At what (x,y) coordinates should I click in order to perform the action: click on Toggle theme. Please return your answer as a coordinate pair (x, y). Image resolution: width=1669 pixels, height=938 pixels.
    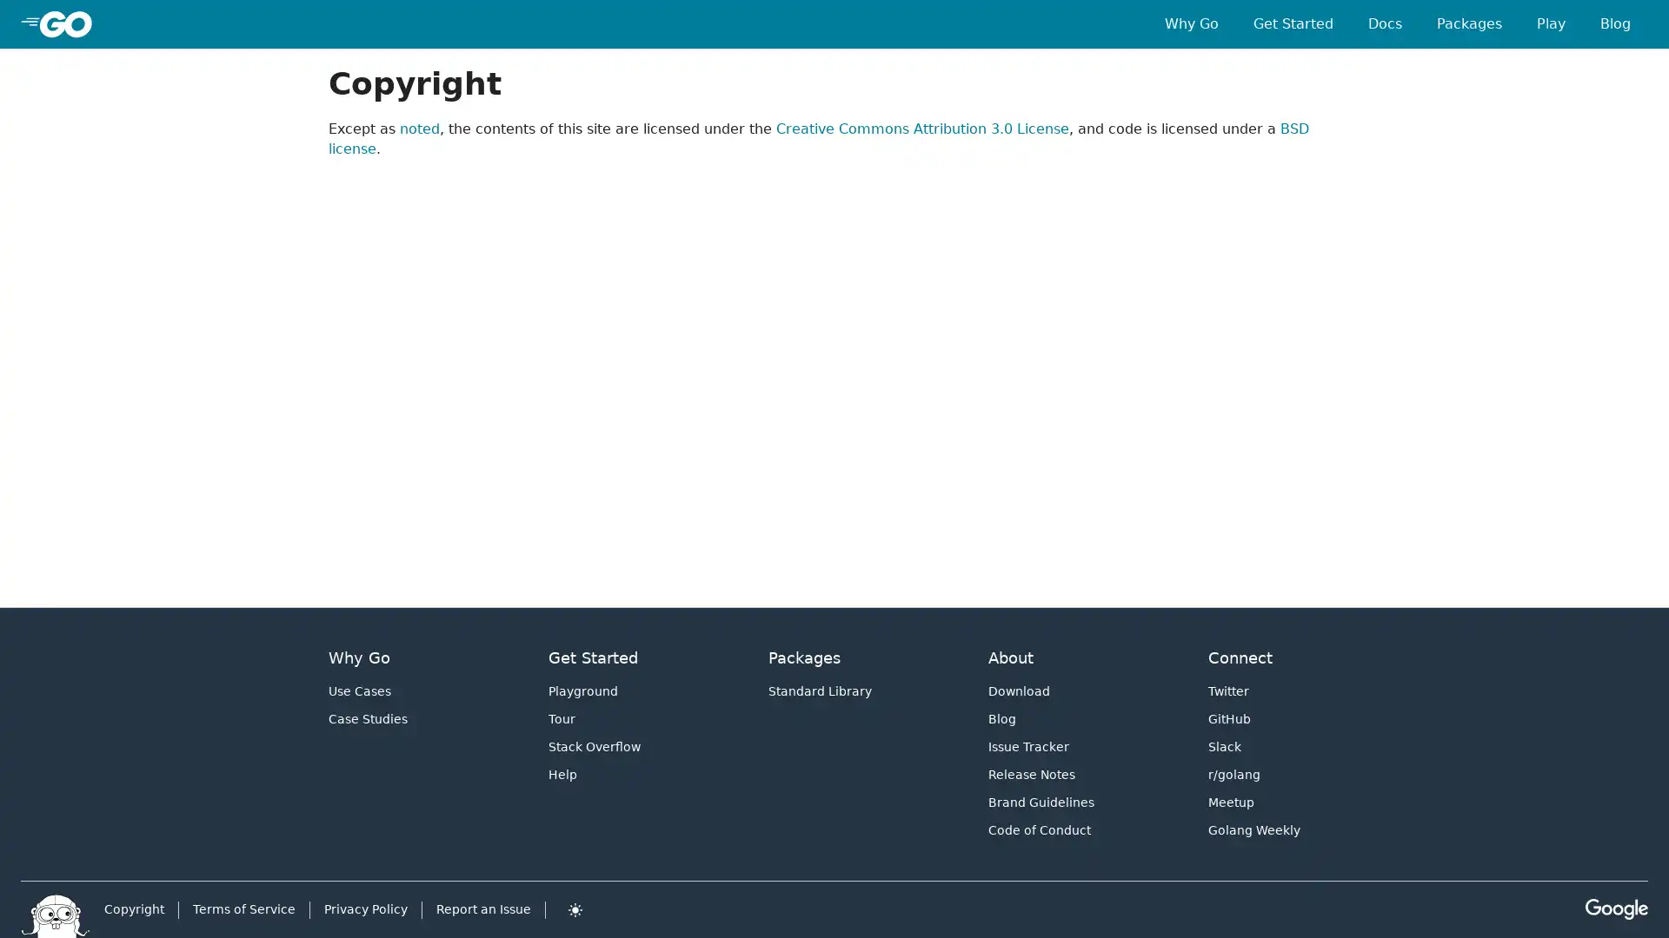
    Looking at the image, I should click on (575, 908).